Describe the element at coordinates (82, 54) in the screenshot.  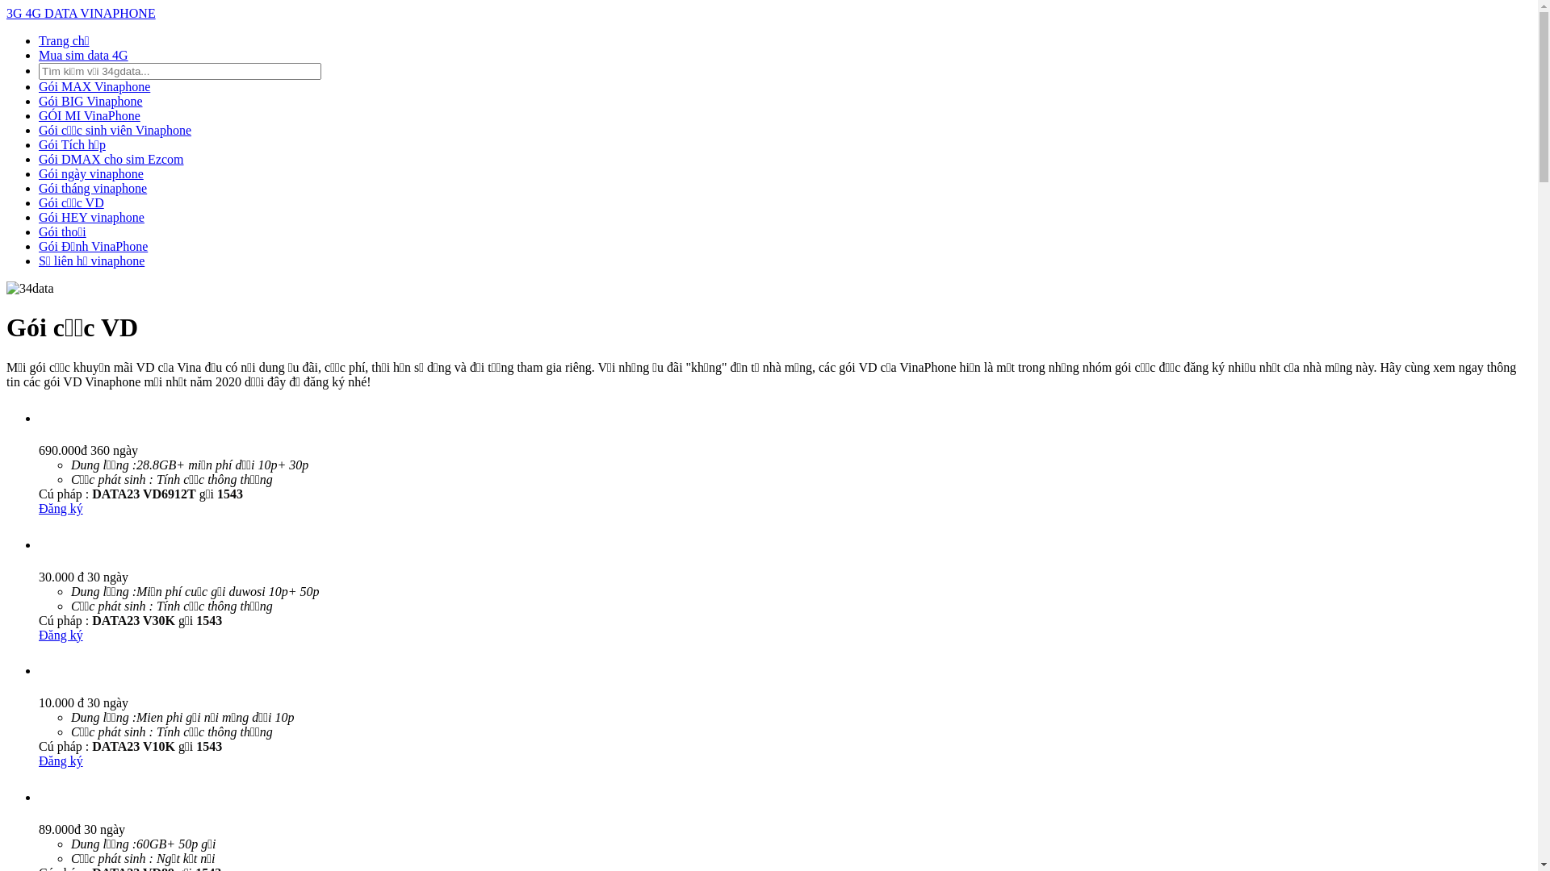
I see `'Mua sim data 4G'` at that location.